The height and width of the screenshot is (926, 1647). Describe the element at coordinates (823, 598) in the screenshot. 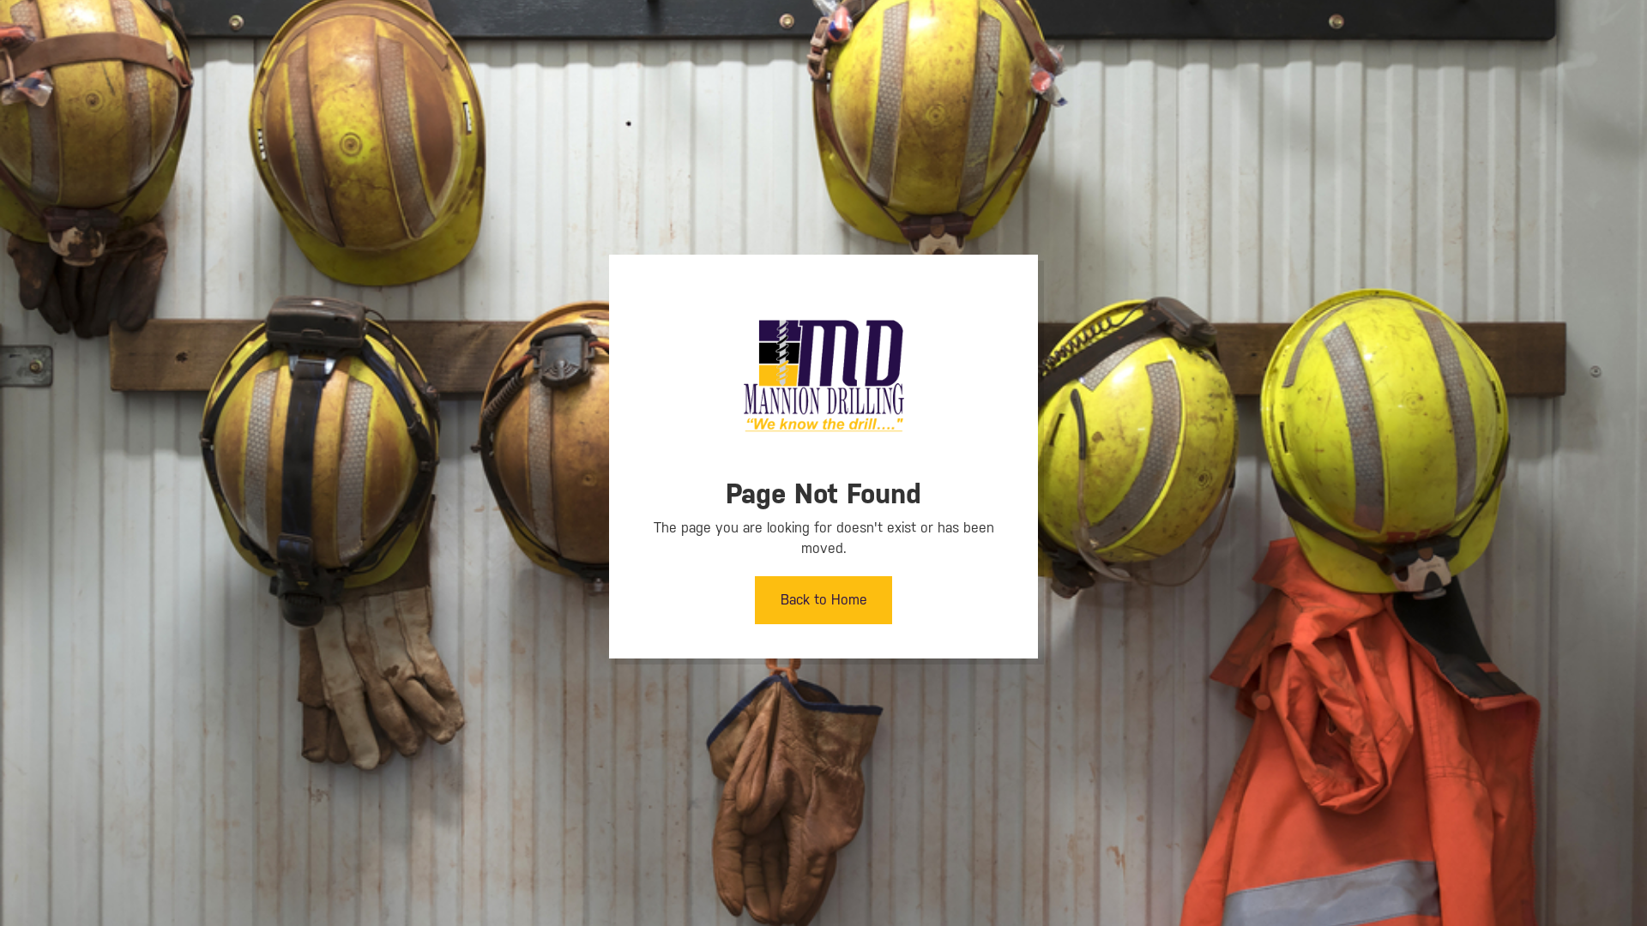

I see `'Back to Home'` at that location.